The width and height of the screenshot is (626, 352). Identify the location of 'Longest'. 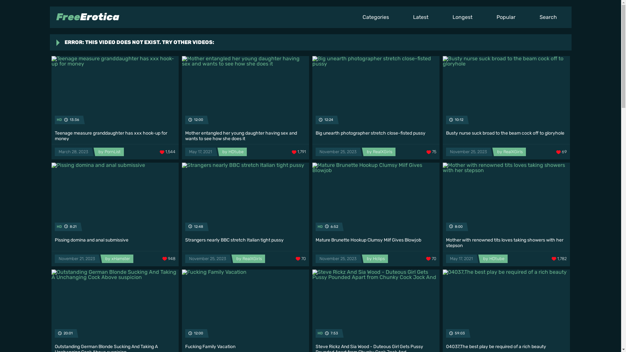
(462, 17).